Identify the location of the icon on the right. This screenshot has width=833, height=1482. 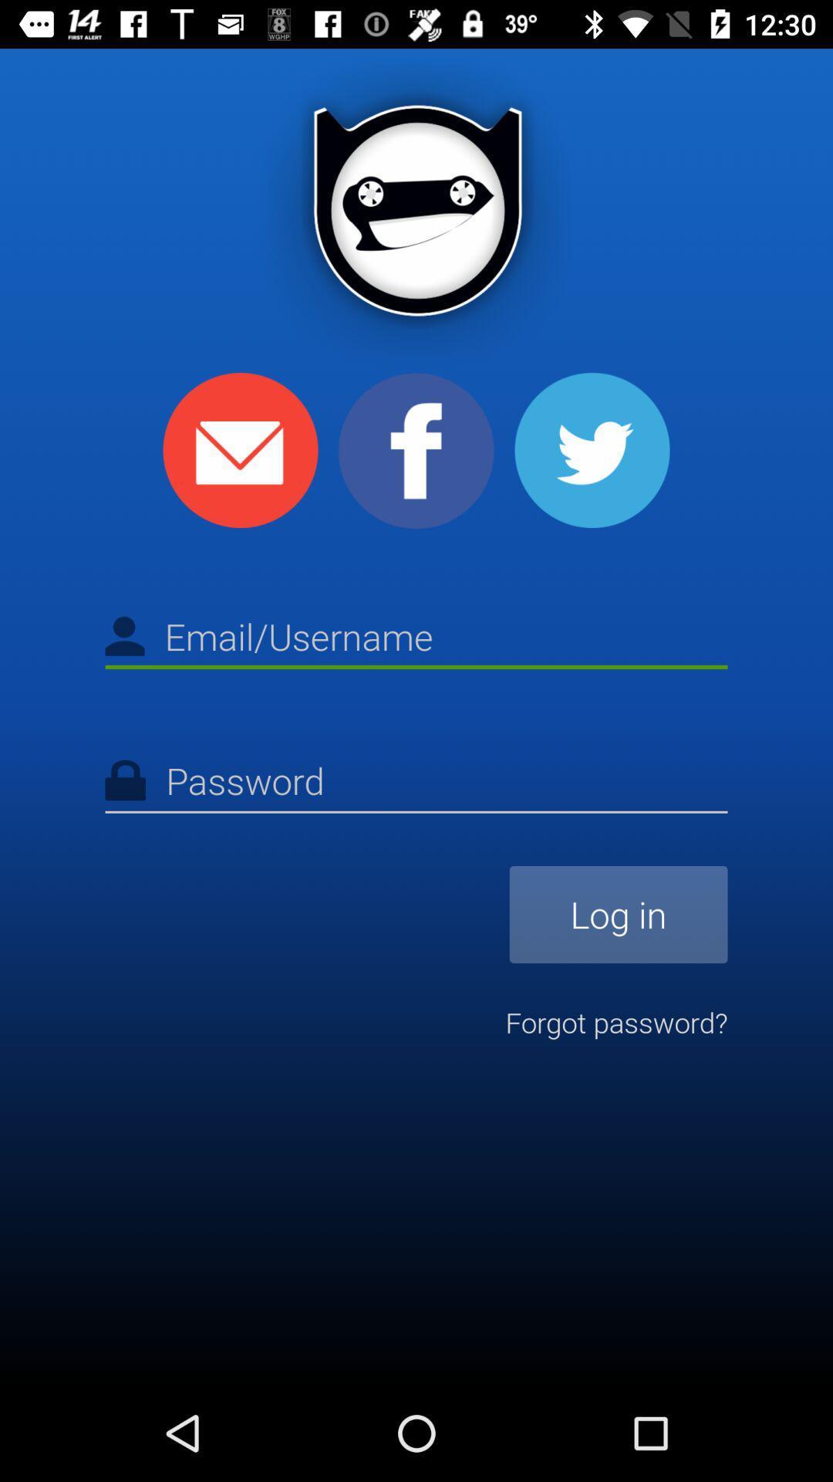
(618, 915).